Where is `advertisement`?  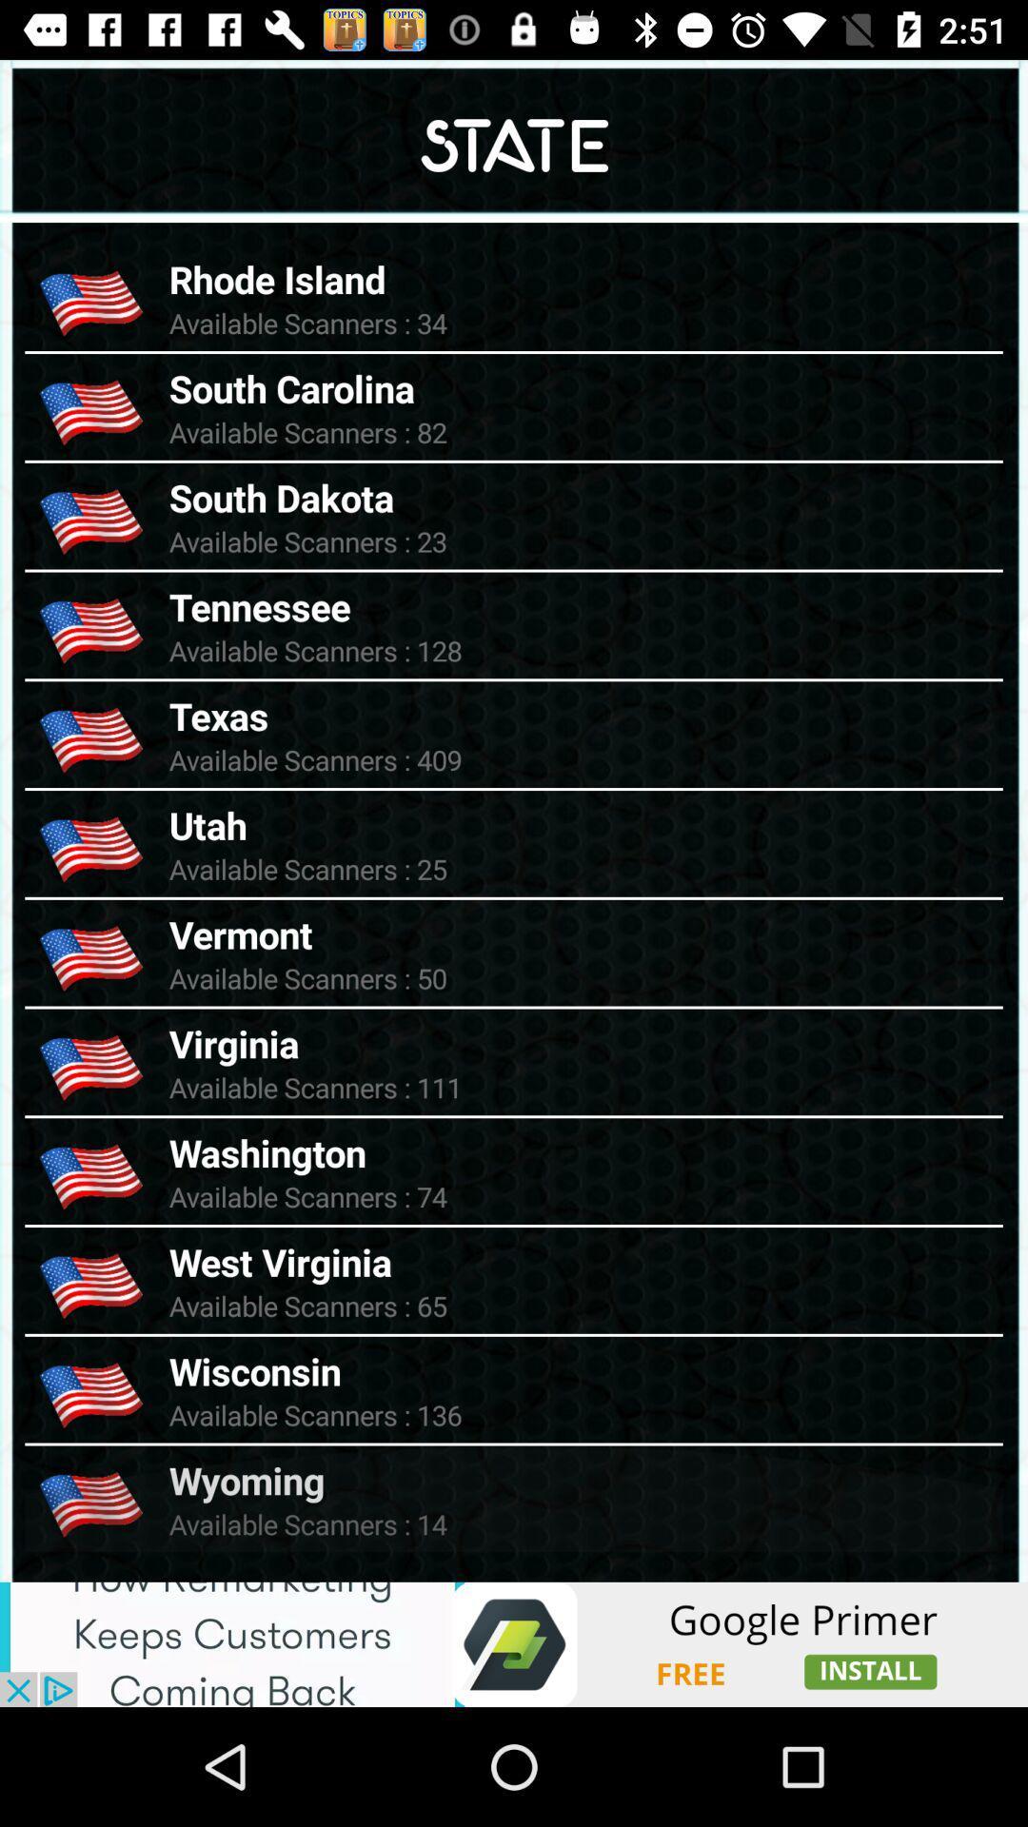
advertisement is located at coordinates (514, 1643).